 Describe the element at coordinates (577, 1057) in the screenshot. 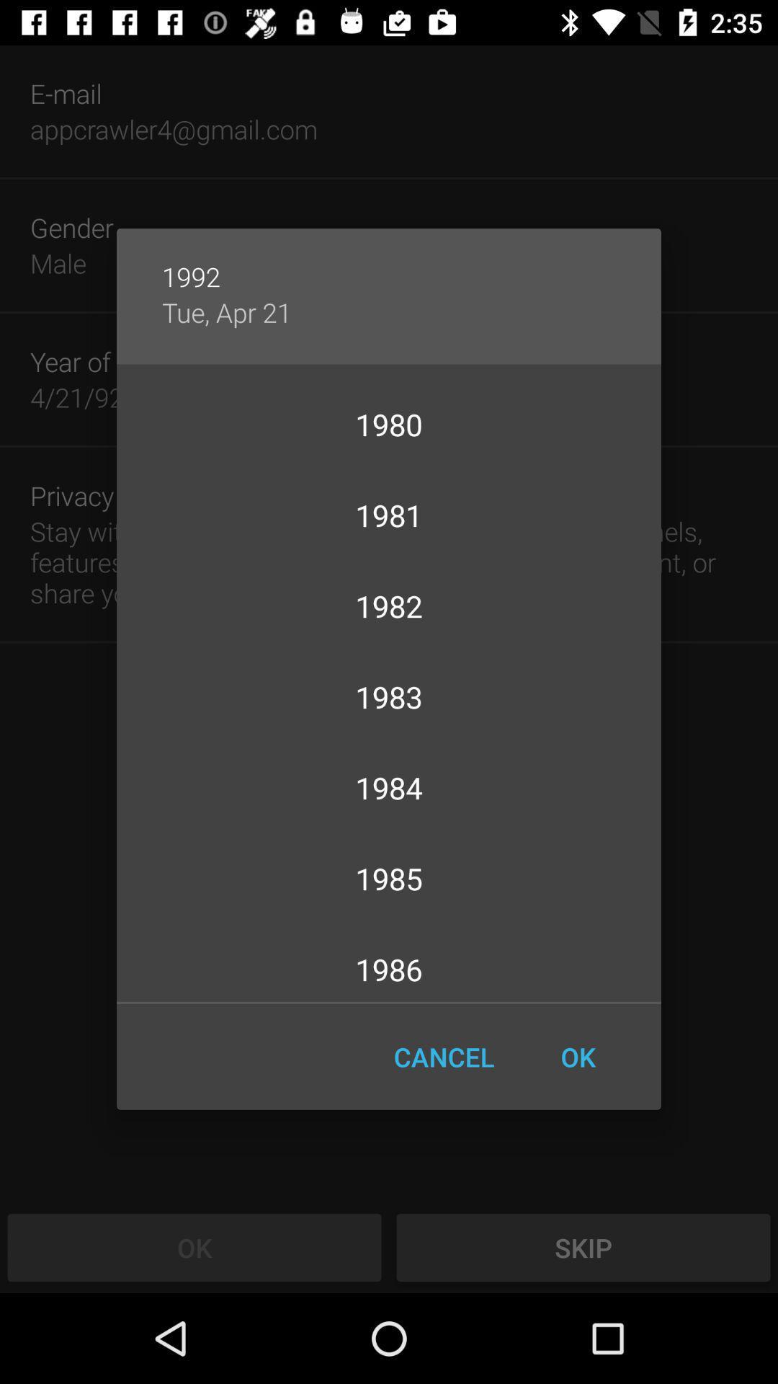

I see `the icon below 1986 item` at that location.